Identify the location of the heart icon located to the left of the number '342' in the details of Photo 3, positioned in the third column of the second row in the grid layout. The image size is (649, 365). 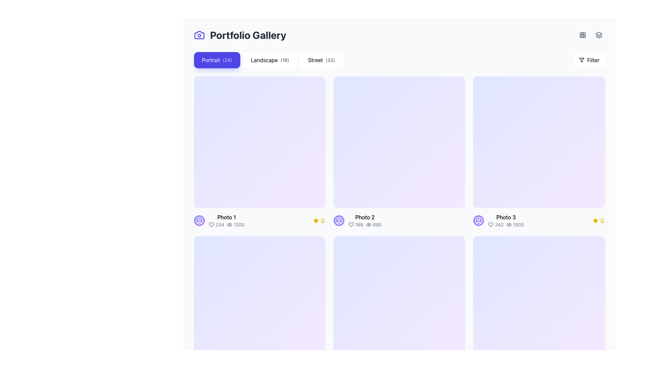
(491, 225).